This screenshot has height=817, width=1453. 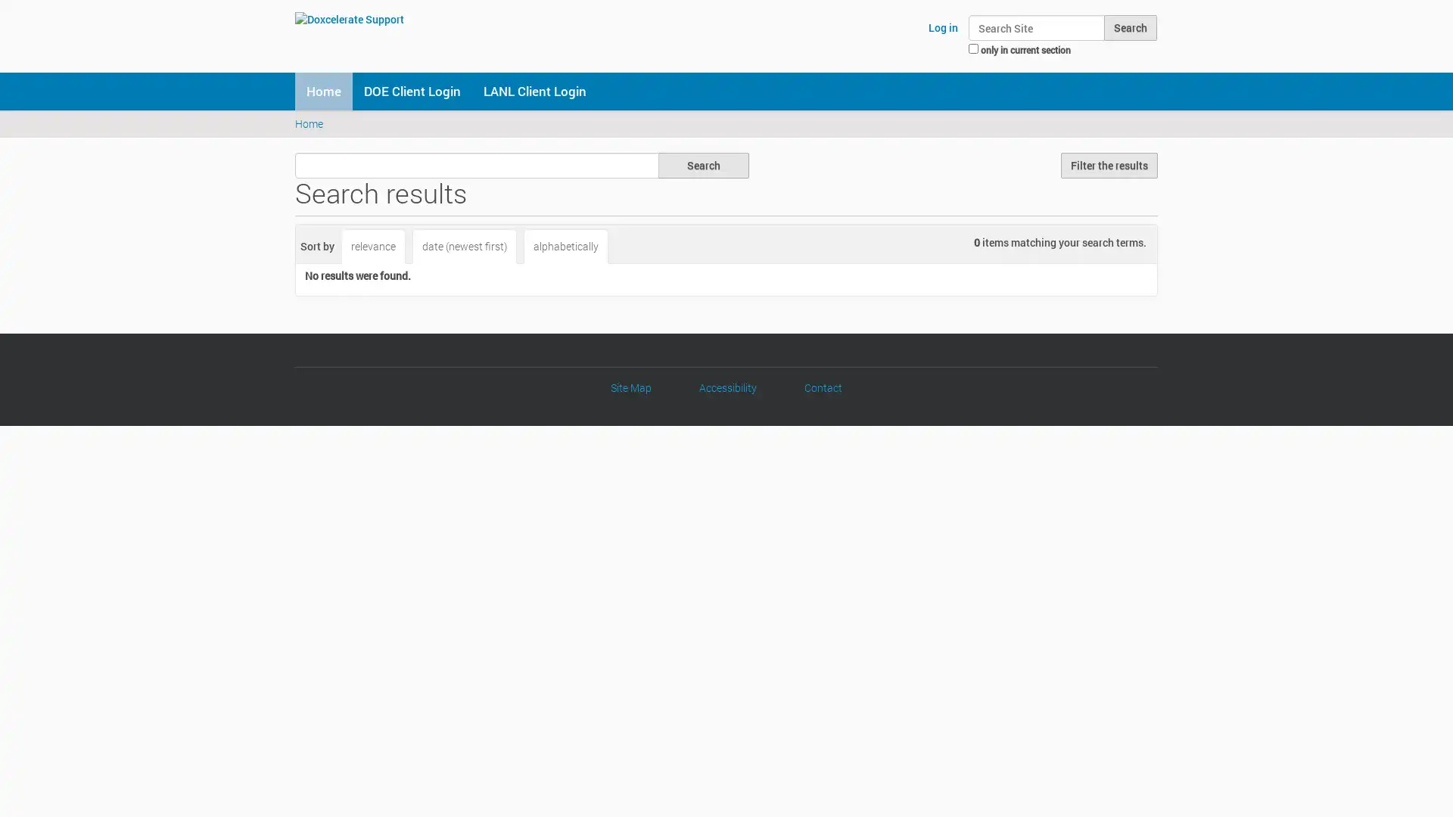 What do you see at coordinates (1130, 28) in the screenshot?
I see `Search` at bounding box center [1130, 28].